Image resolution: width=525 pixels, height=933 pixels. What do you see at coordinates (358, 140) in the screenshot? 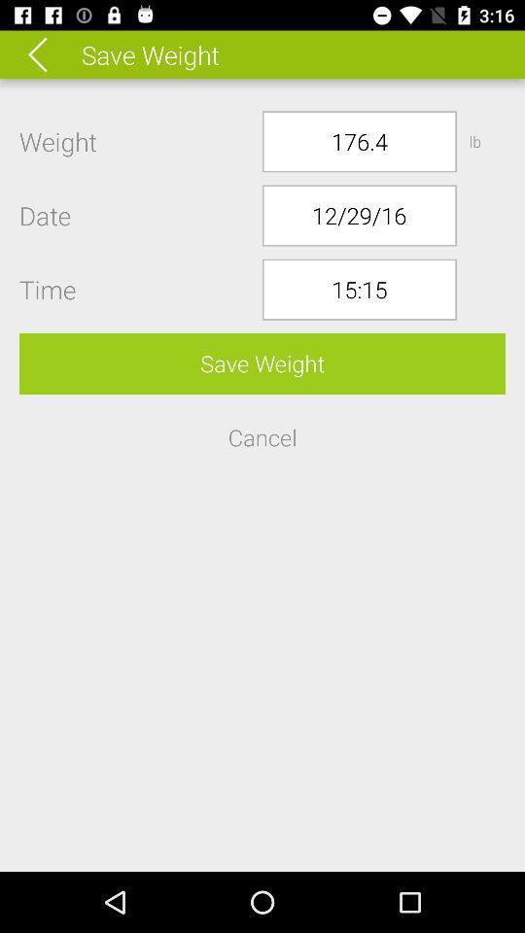
I see `the icon to the left of the lb` at bounding box center [358, 140].